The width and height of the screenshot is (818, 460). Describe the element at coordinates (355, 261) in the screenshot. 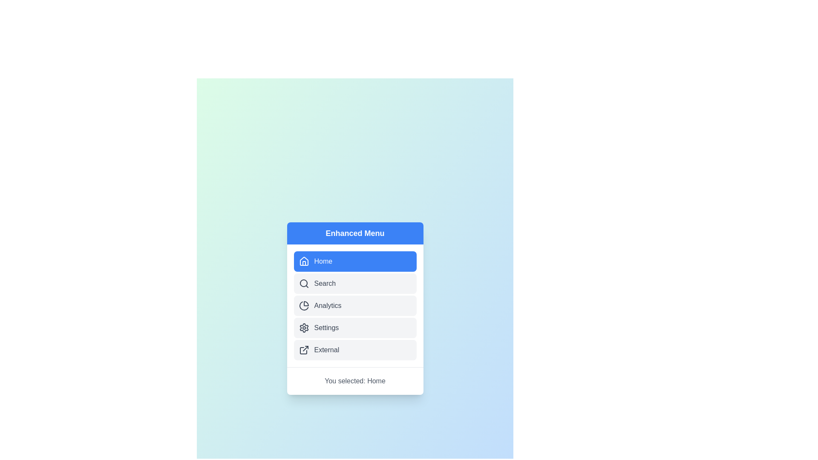

I see `the menu item Home by clicking on its corresponding button` at that location.